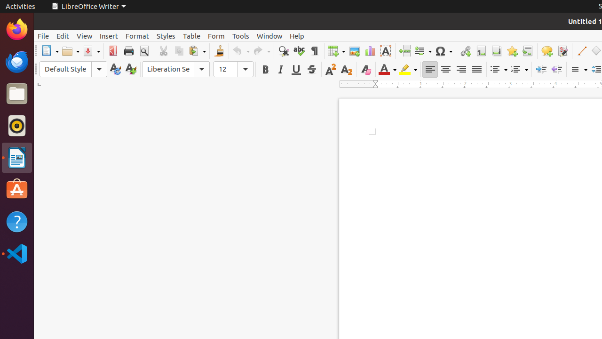 The width and height of the screenshot is (602, 339). I want to click on 'Bold', so click(264, 69).